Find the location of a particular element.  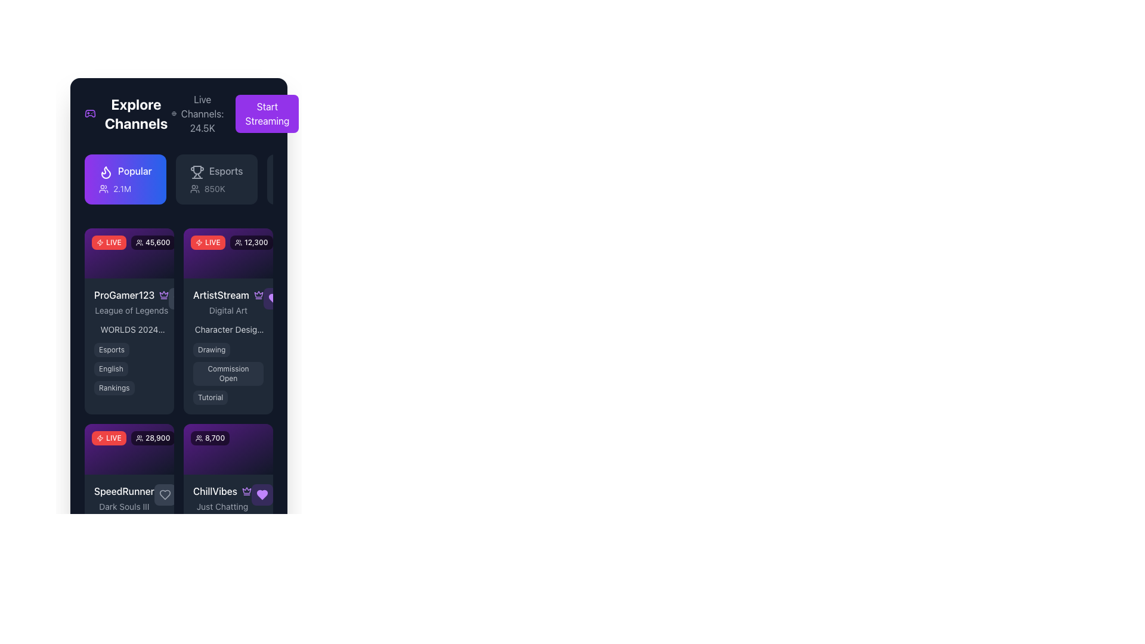

the 'Chill' label, which is a small, rounded rectangle badge with a subtle gray background and smaller grayed-out text, located at the bottom-right of a group of three tags is located at coordinates (239, 564).